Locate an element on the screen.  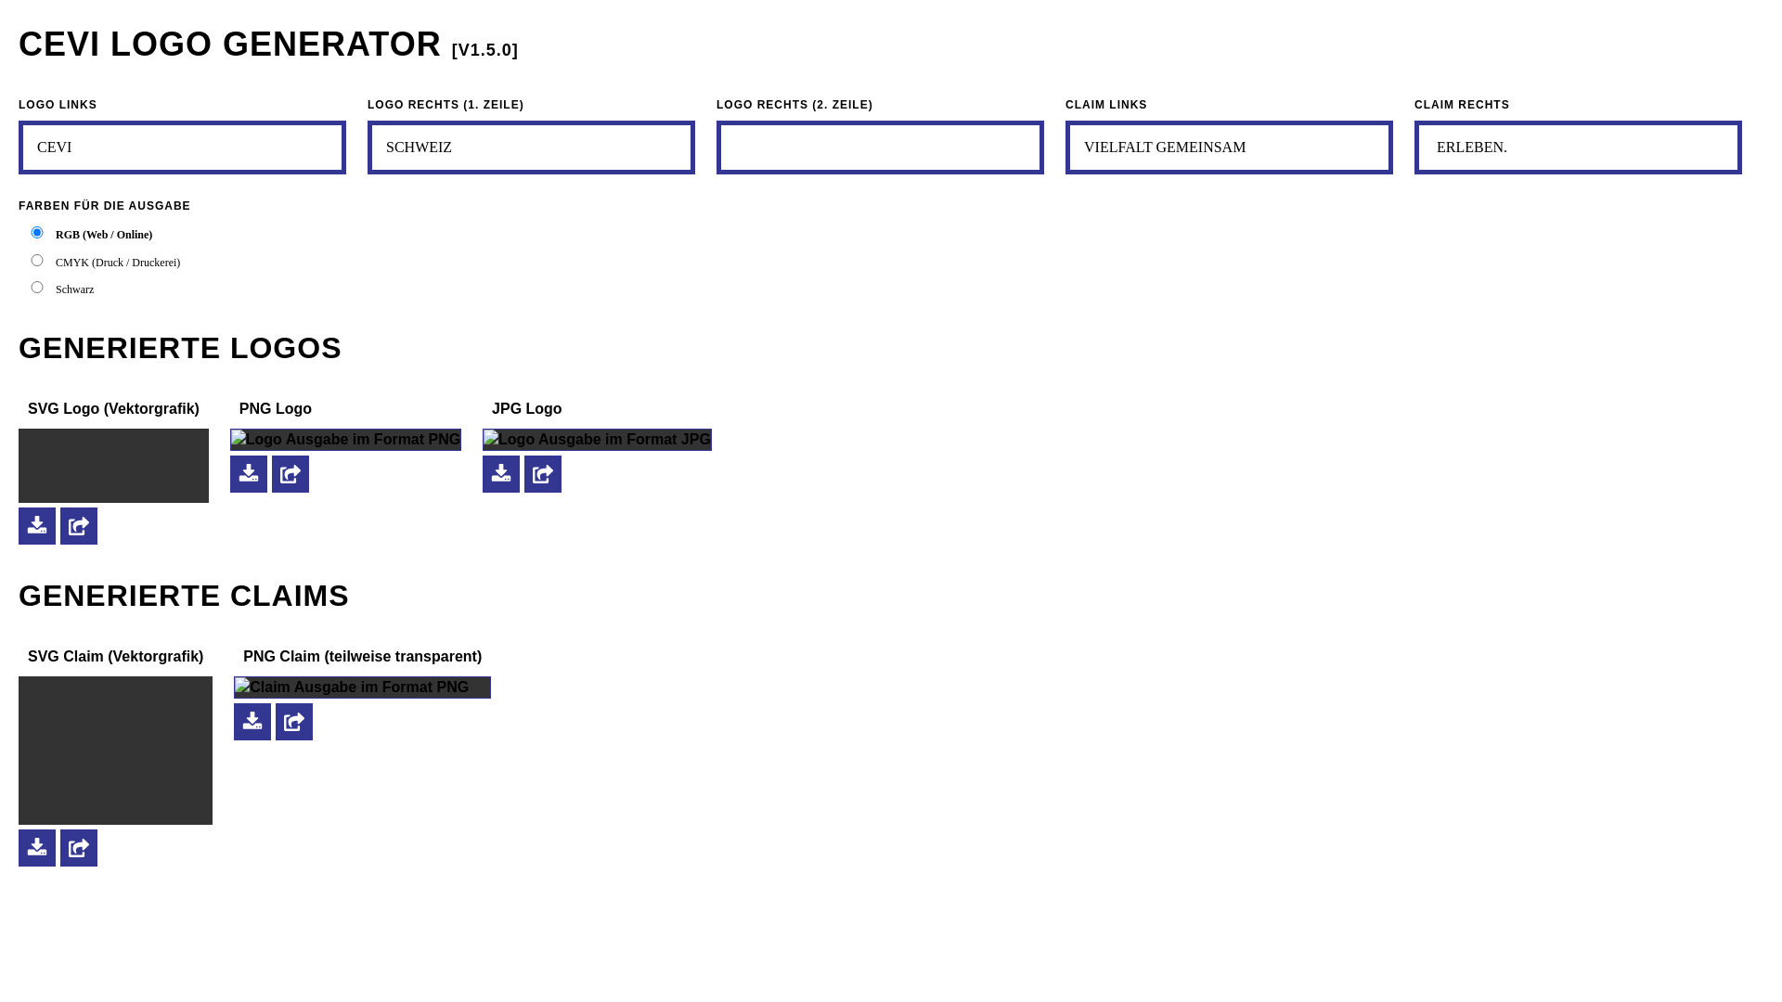
'Download PNG Logo' is located at coordinates (248, 471).